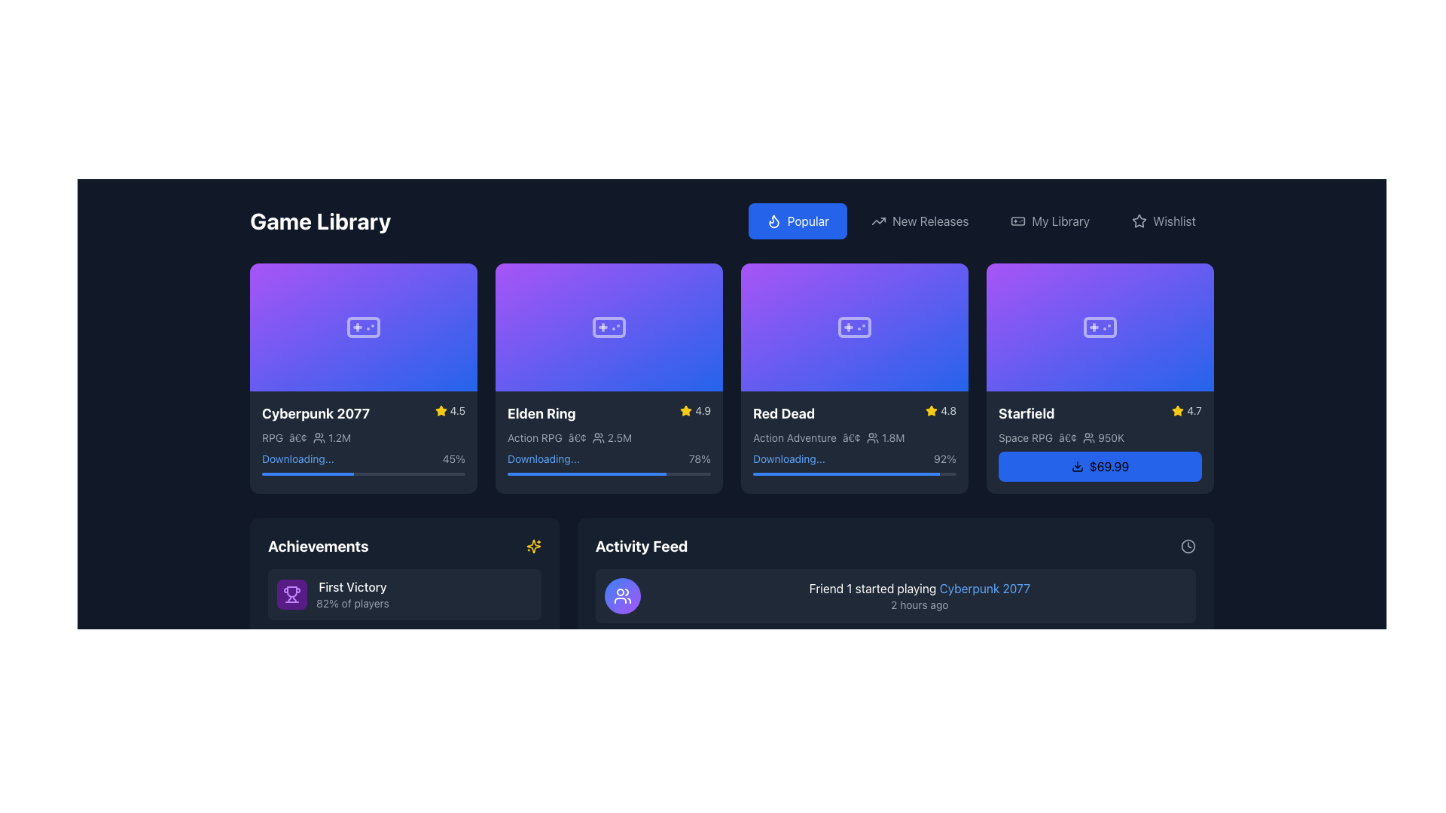 This screenshot has height=813, width=1446. Describe the element at coordinates (292, 593) in the screenshot. I see `the stylized purple trophy icon located in the Achievements section, which is the only decorative icon above the achievement text` at that location.